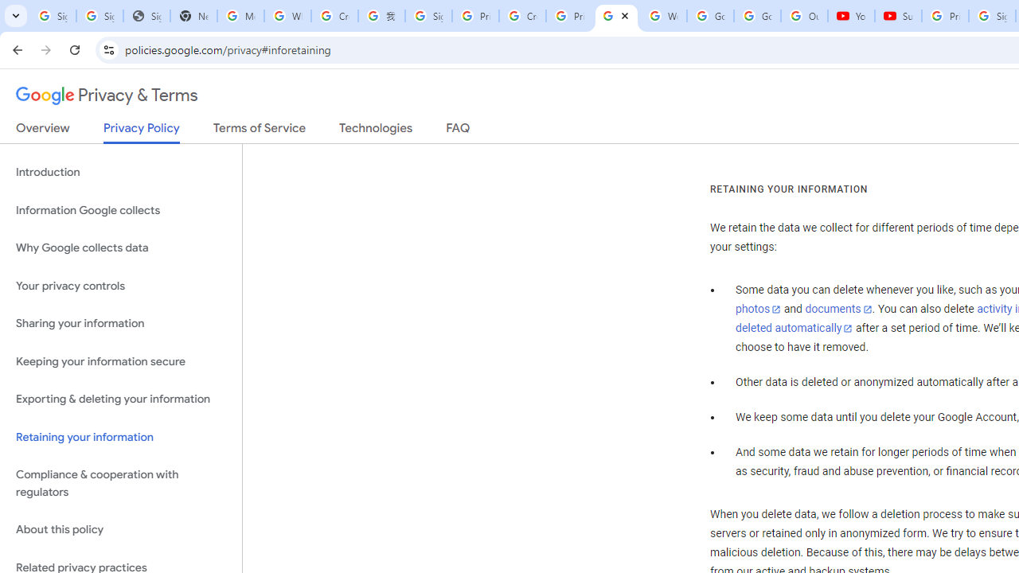  I want to click on 'Sign in - Google Accounts', so click(428, 16).